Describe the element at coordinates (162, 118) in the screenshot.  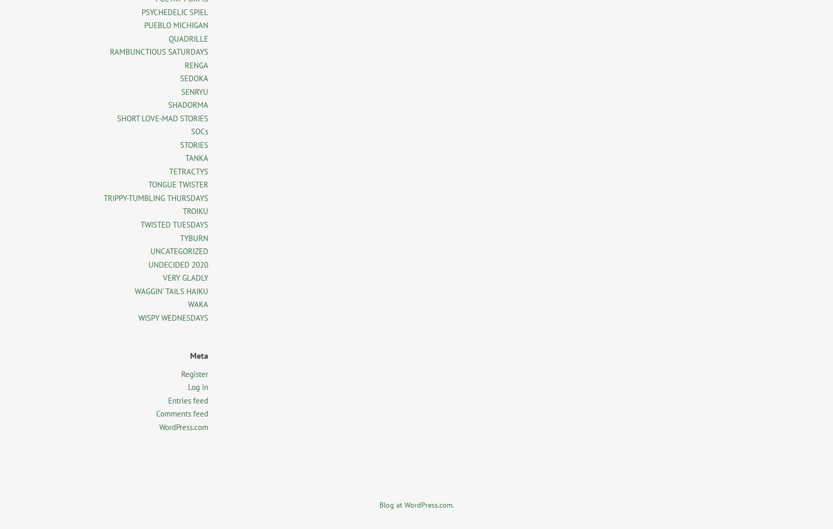
I see `'SHORT LOVE-MAD STORIES'` at that location.